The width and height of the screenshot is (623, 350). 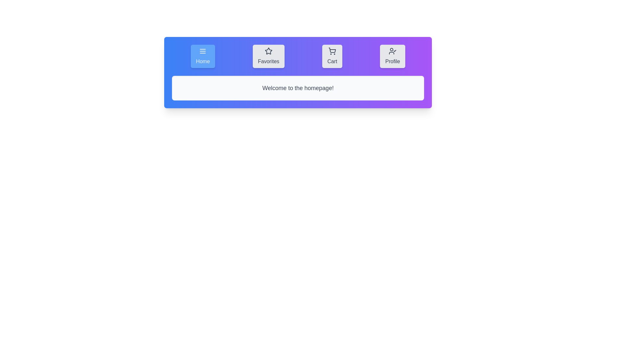 What do you see at coordinates (268, 51) in the screenshot?
I see `the 'Favorites' icon located in the top navigation bar, which is used for marking or accessing favorite items, situated above the text label 'Favorites'` at bounding box center [268, 51].